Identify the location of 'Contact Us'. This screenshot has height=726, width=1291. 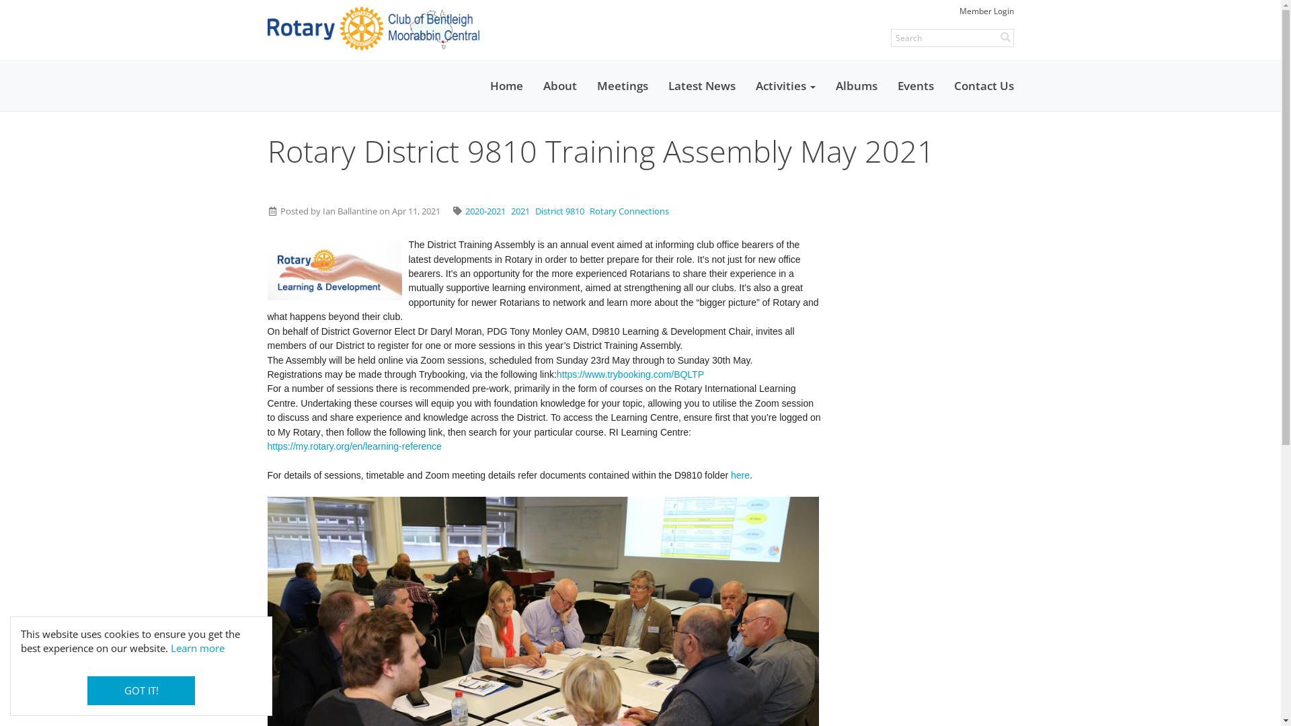
(984, 85).